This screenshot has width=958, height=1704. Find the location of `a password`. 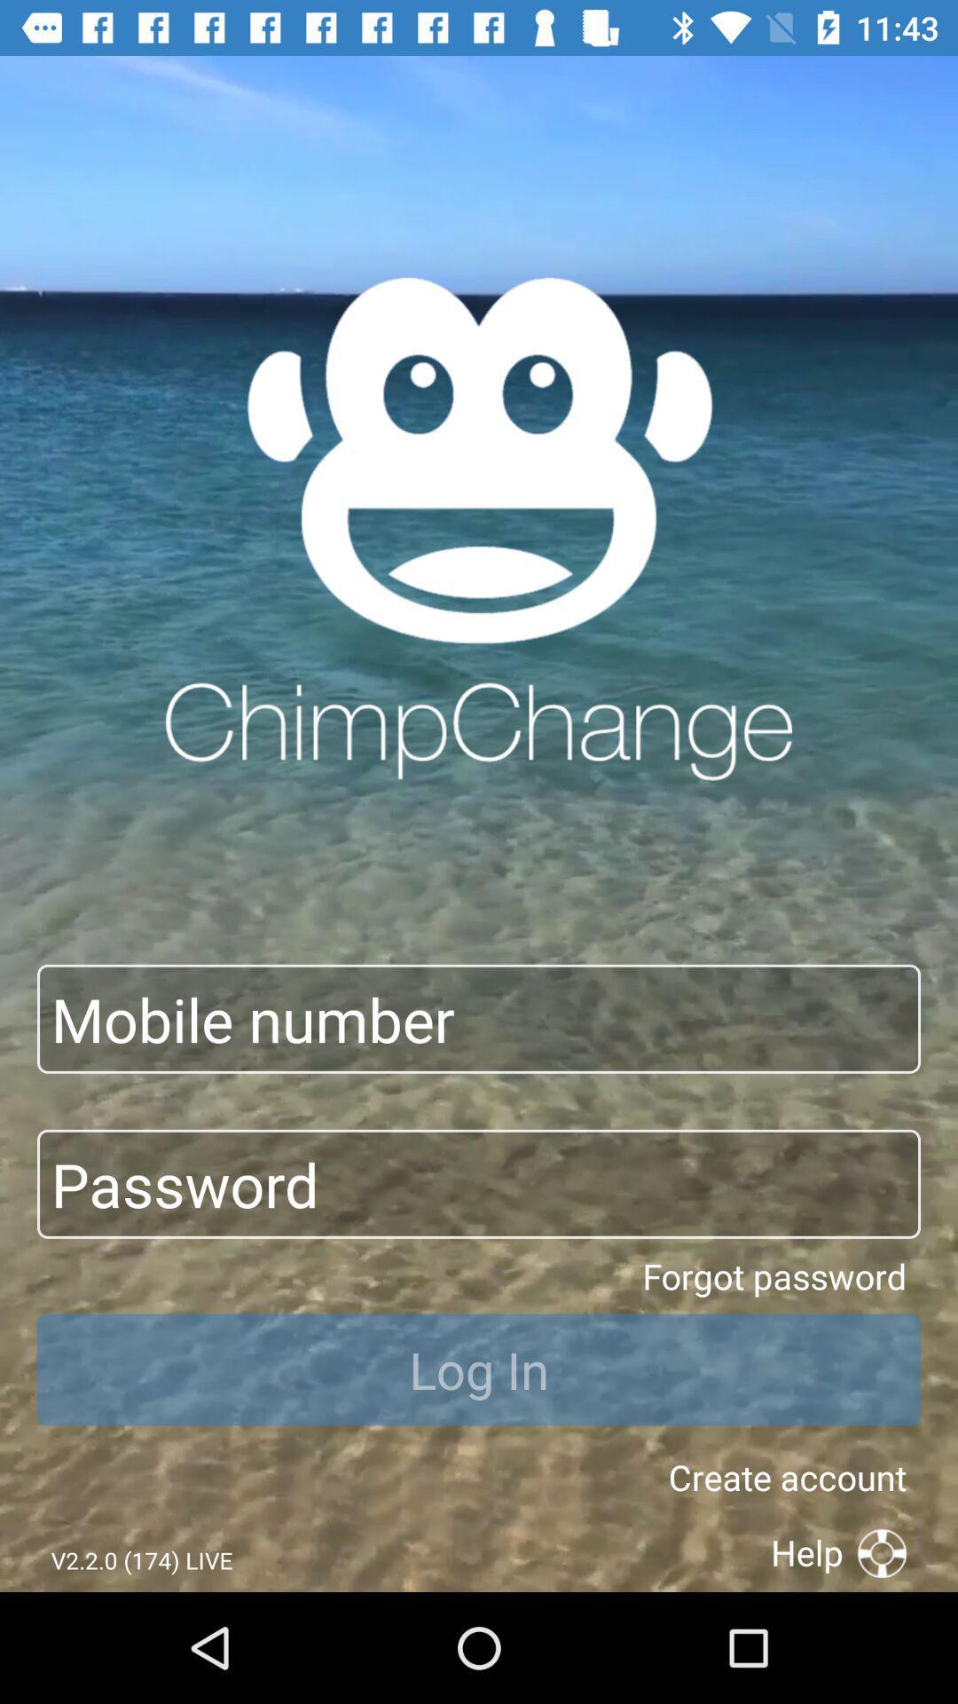

a password is located at coordinates (479, 1184).